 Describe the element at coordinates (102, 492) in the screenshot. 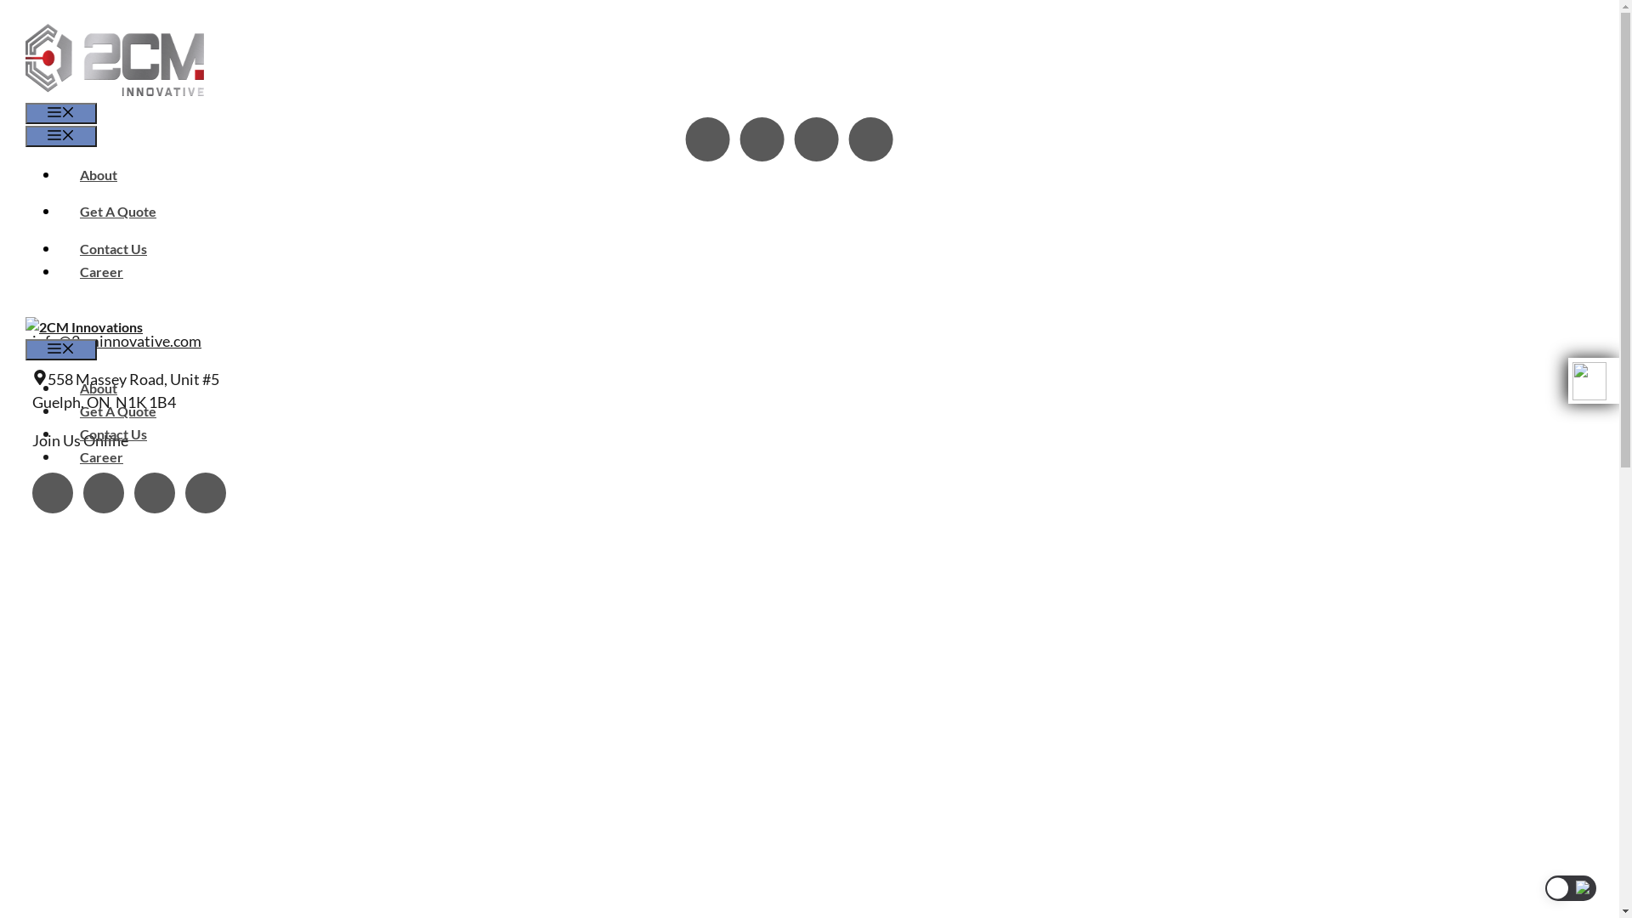

I see `'Facebook'` at that location.